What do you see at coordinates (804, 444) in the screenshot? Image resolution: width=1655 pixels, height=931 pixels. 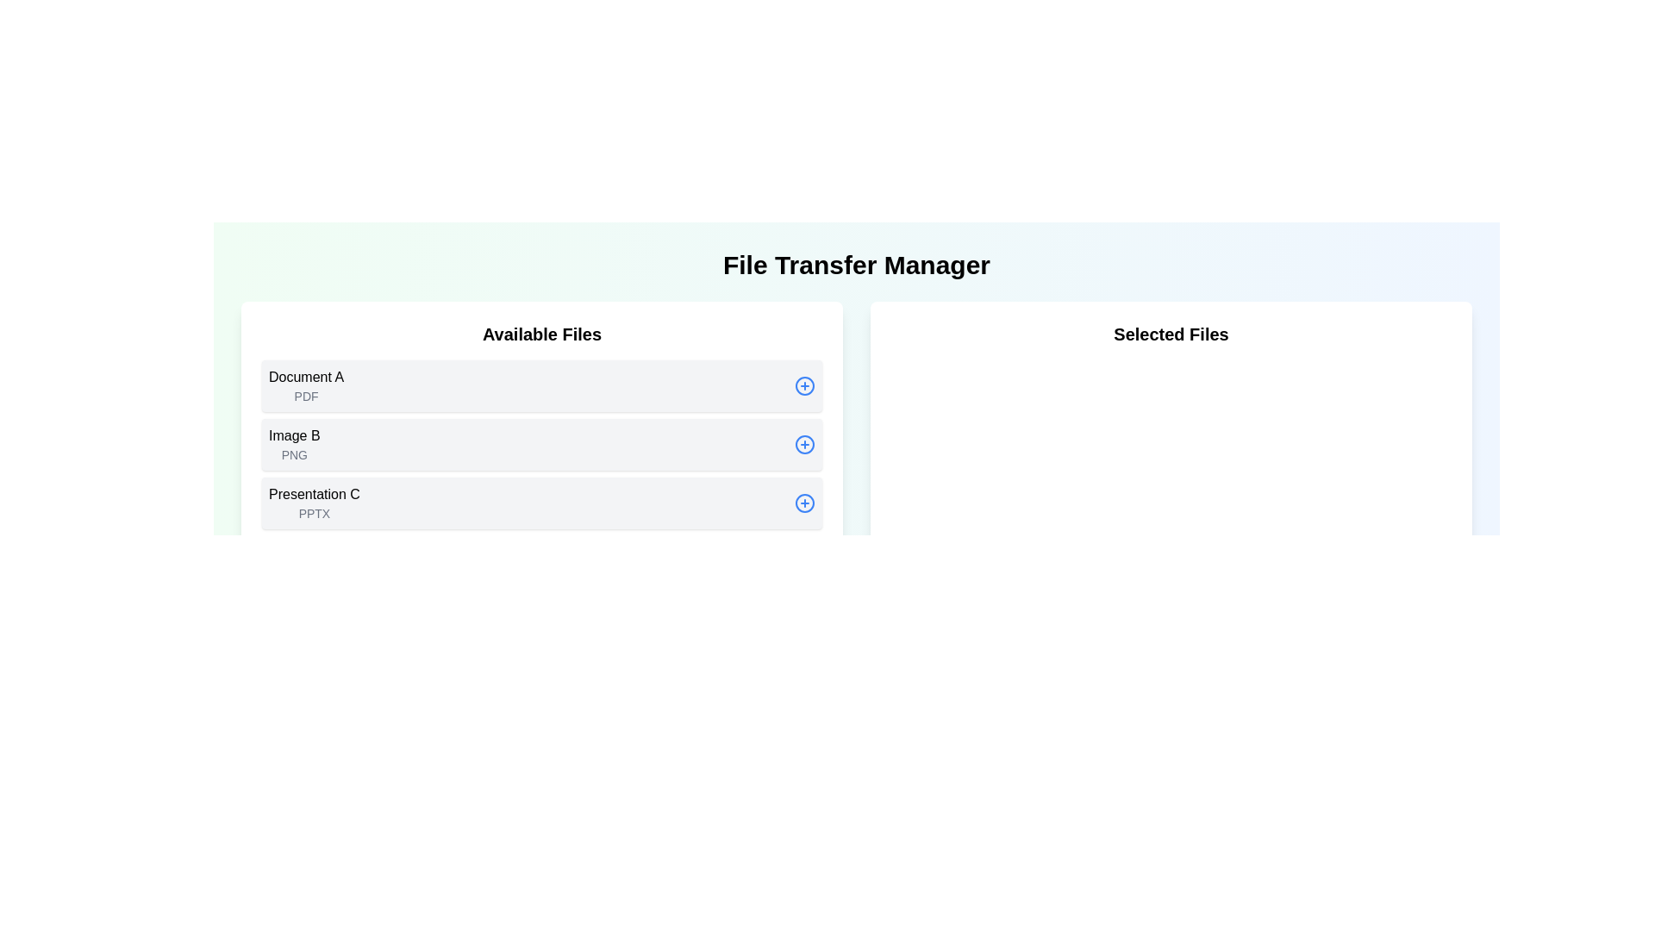 I see `the circular blue button with a plus symbol, which is located to the right of the 'Image B PNG' text` at bounding box center [804, 444].